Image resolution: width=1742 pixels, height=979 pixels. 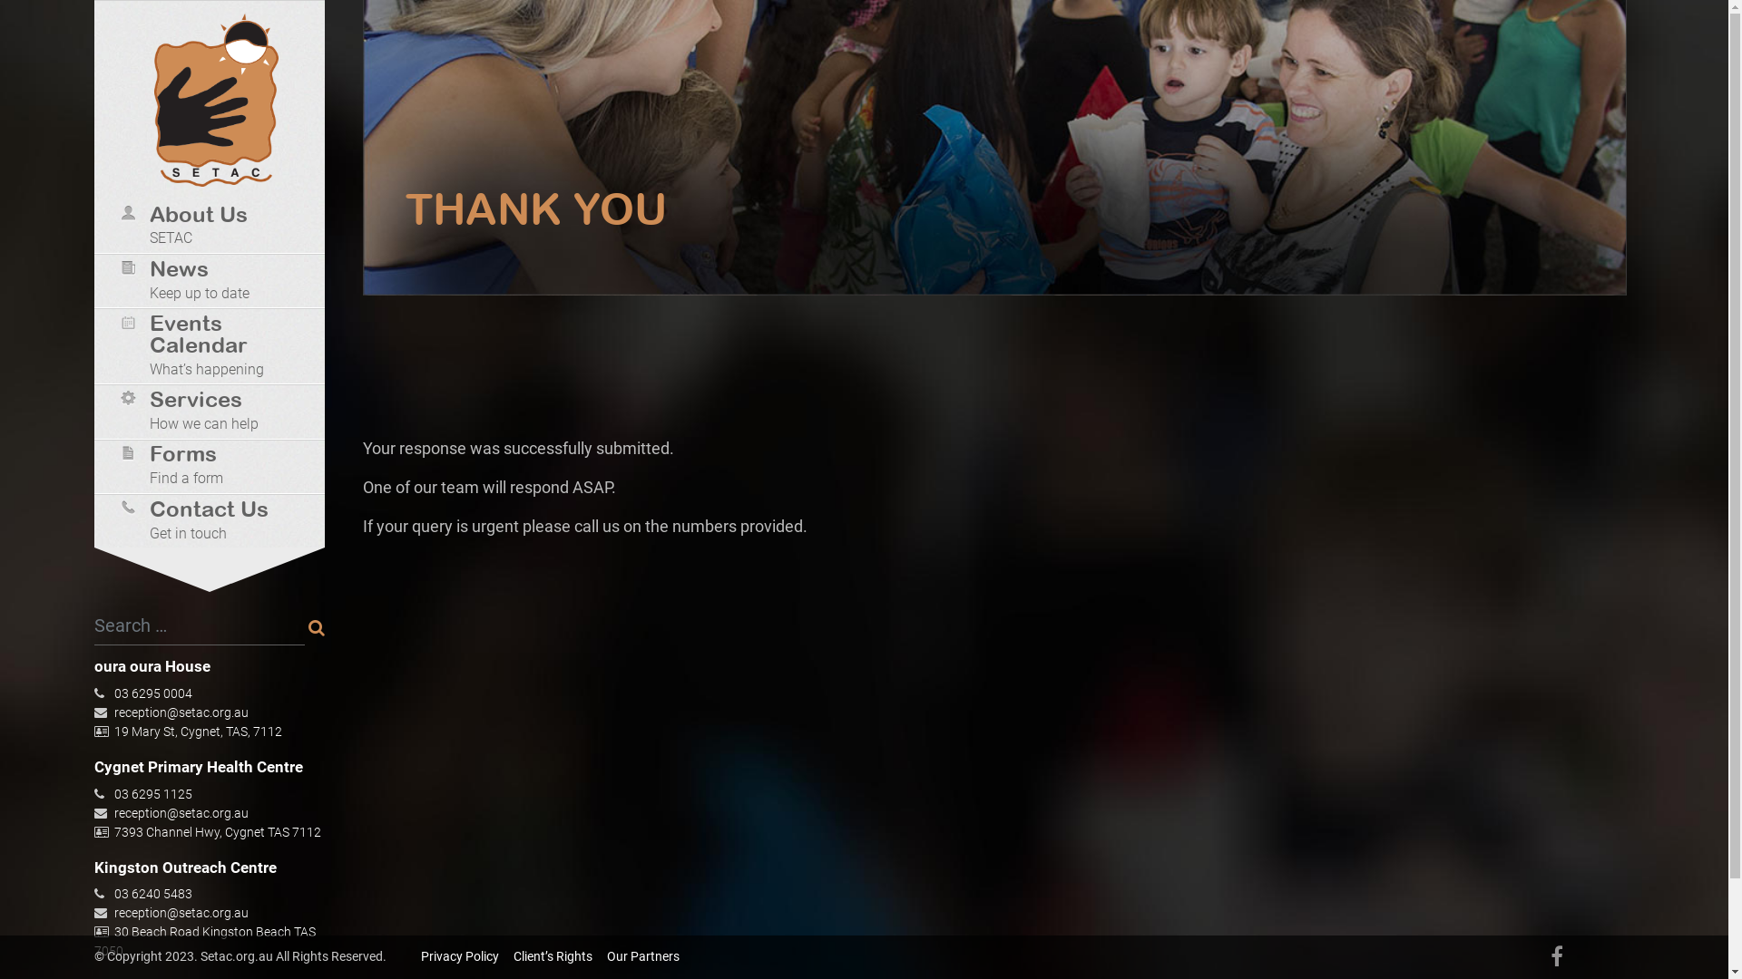 What do you see at coordinates (181, 812) in the screenshot?
I see `'reception@setac.org.au'` at bounding box center [181, 812].